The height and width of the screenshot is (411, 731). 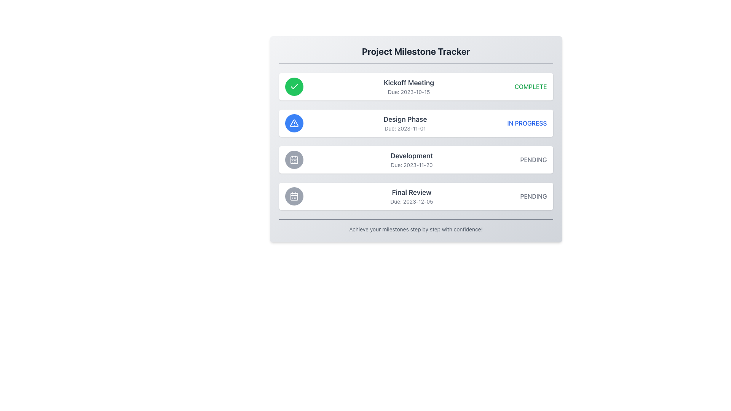 I want to click on the status label indicating the ongoing status of the 'Design Phase' milestone, which is positioned next to the 'Due: 2023-11-01' text, so click(x=527, y=123).